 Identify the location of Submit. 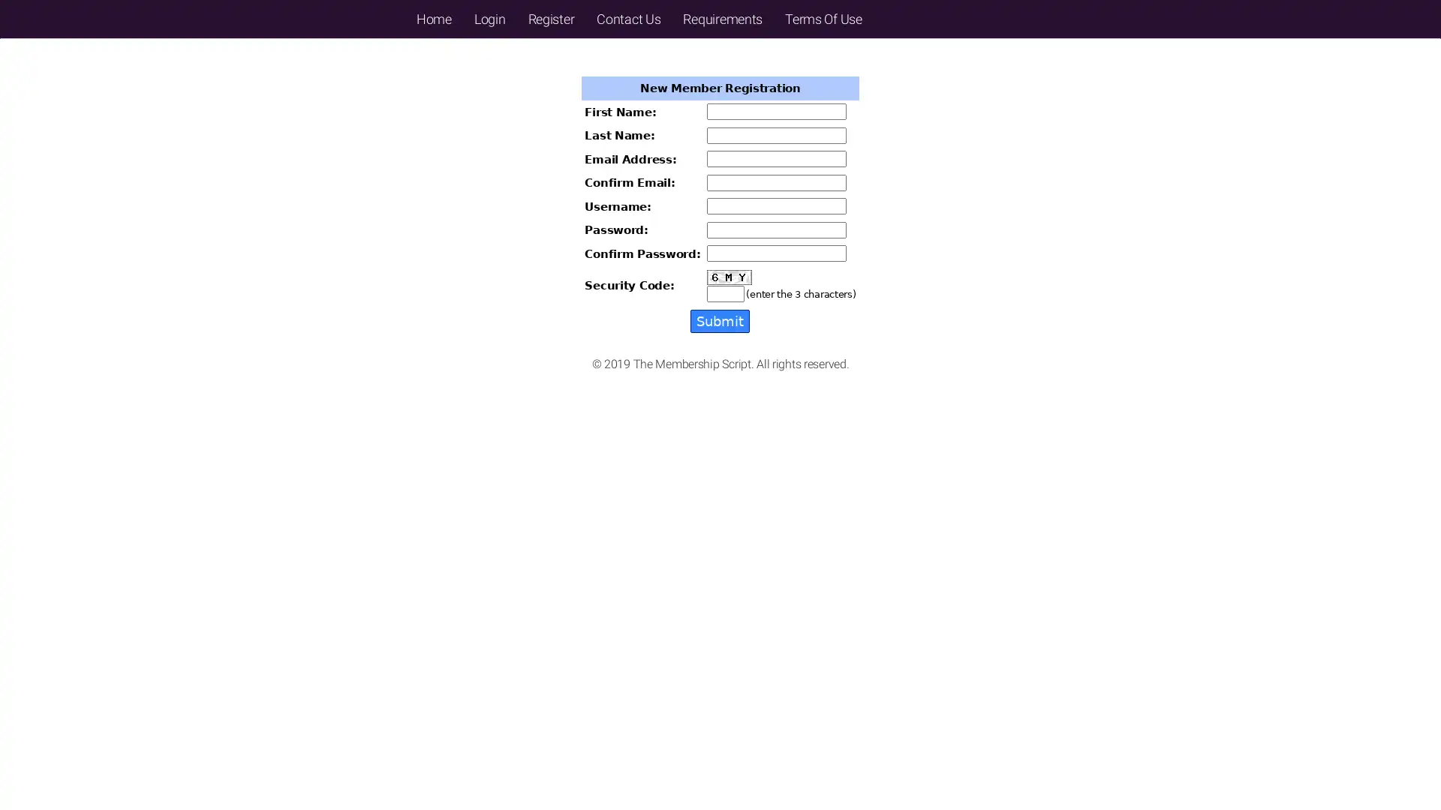
(719, 320).